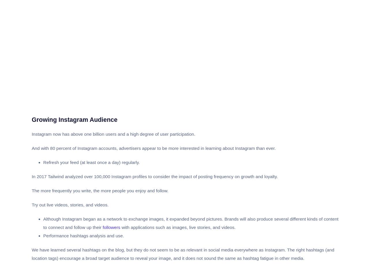 This screenshot has width=375, height=276. What do you see at coordinates (91, 162) in the screenshot?
I see `'Refresh your feed (at least once a day) regularly.'` at bounding box center [91, 162].